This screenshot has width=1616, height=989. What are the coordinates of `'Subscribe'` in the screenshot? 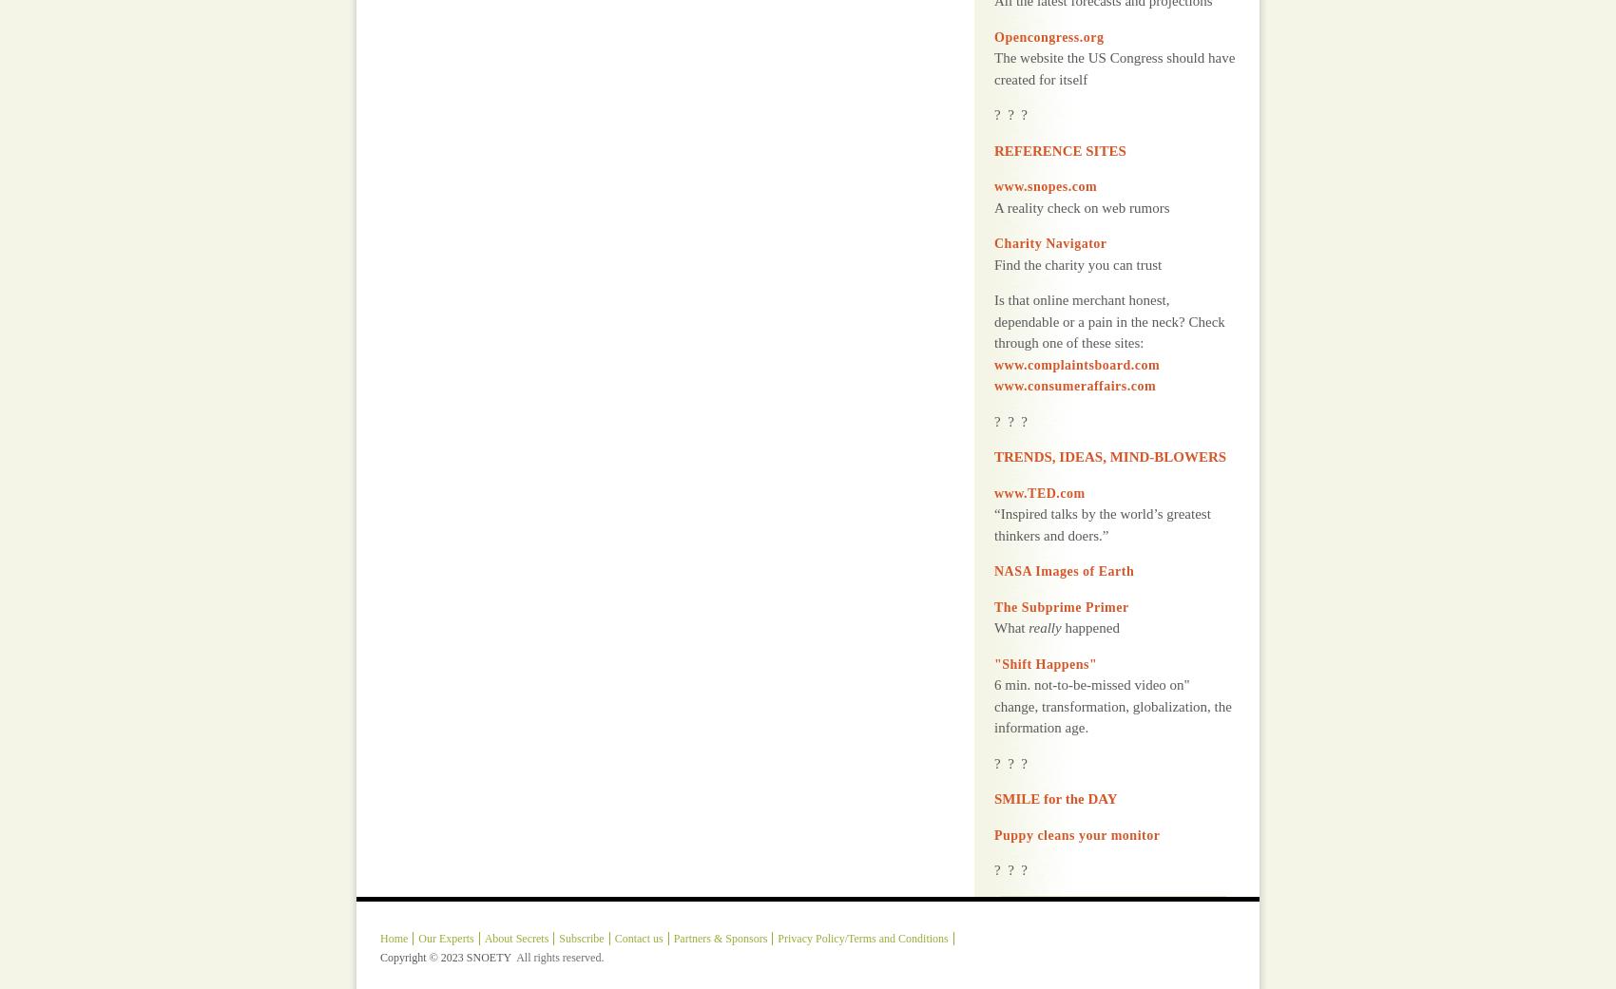 It's located at (580, 889).